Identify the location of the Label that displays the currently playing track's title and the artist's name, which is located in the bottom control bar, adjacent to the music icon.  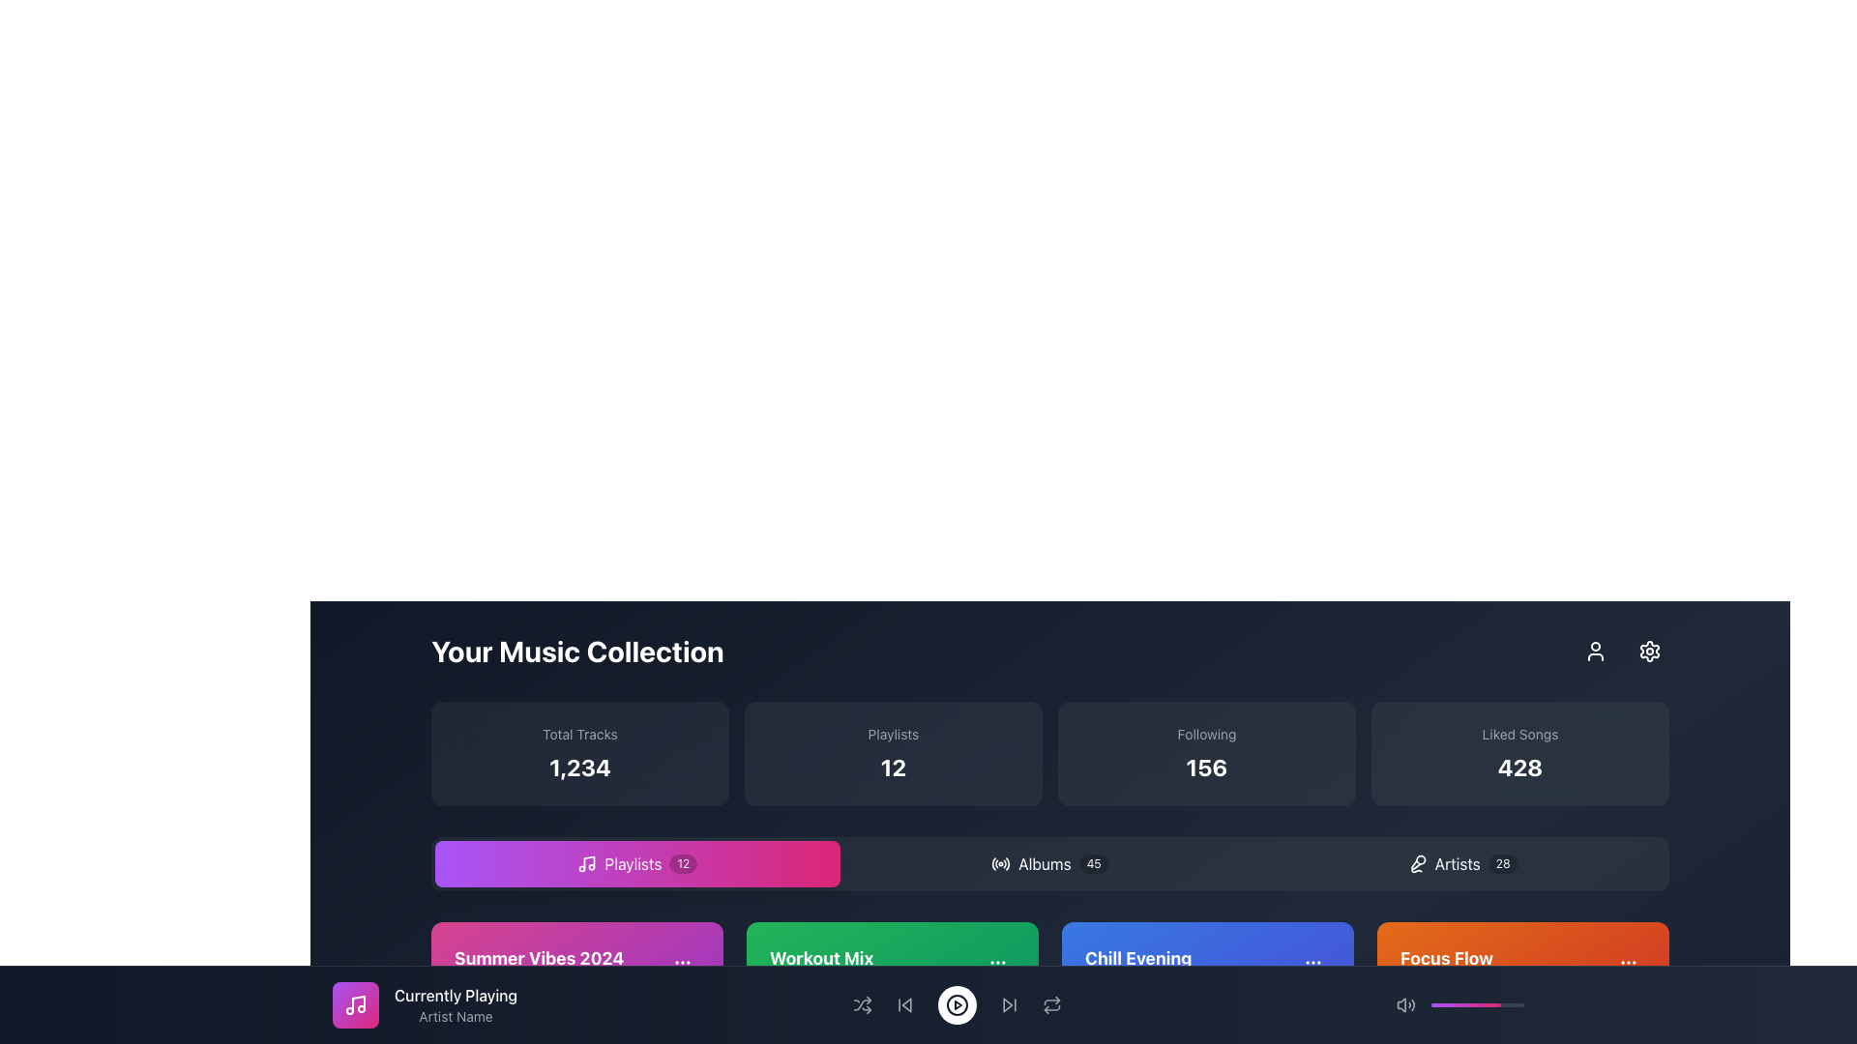
(928, 1004).